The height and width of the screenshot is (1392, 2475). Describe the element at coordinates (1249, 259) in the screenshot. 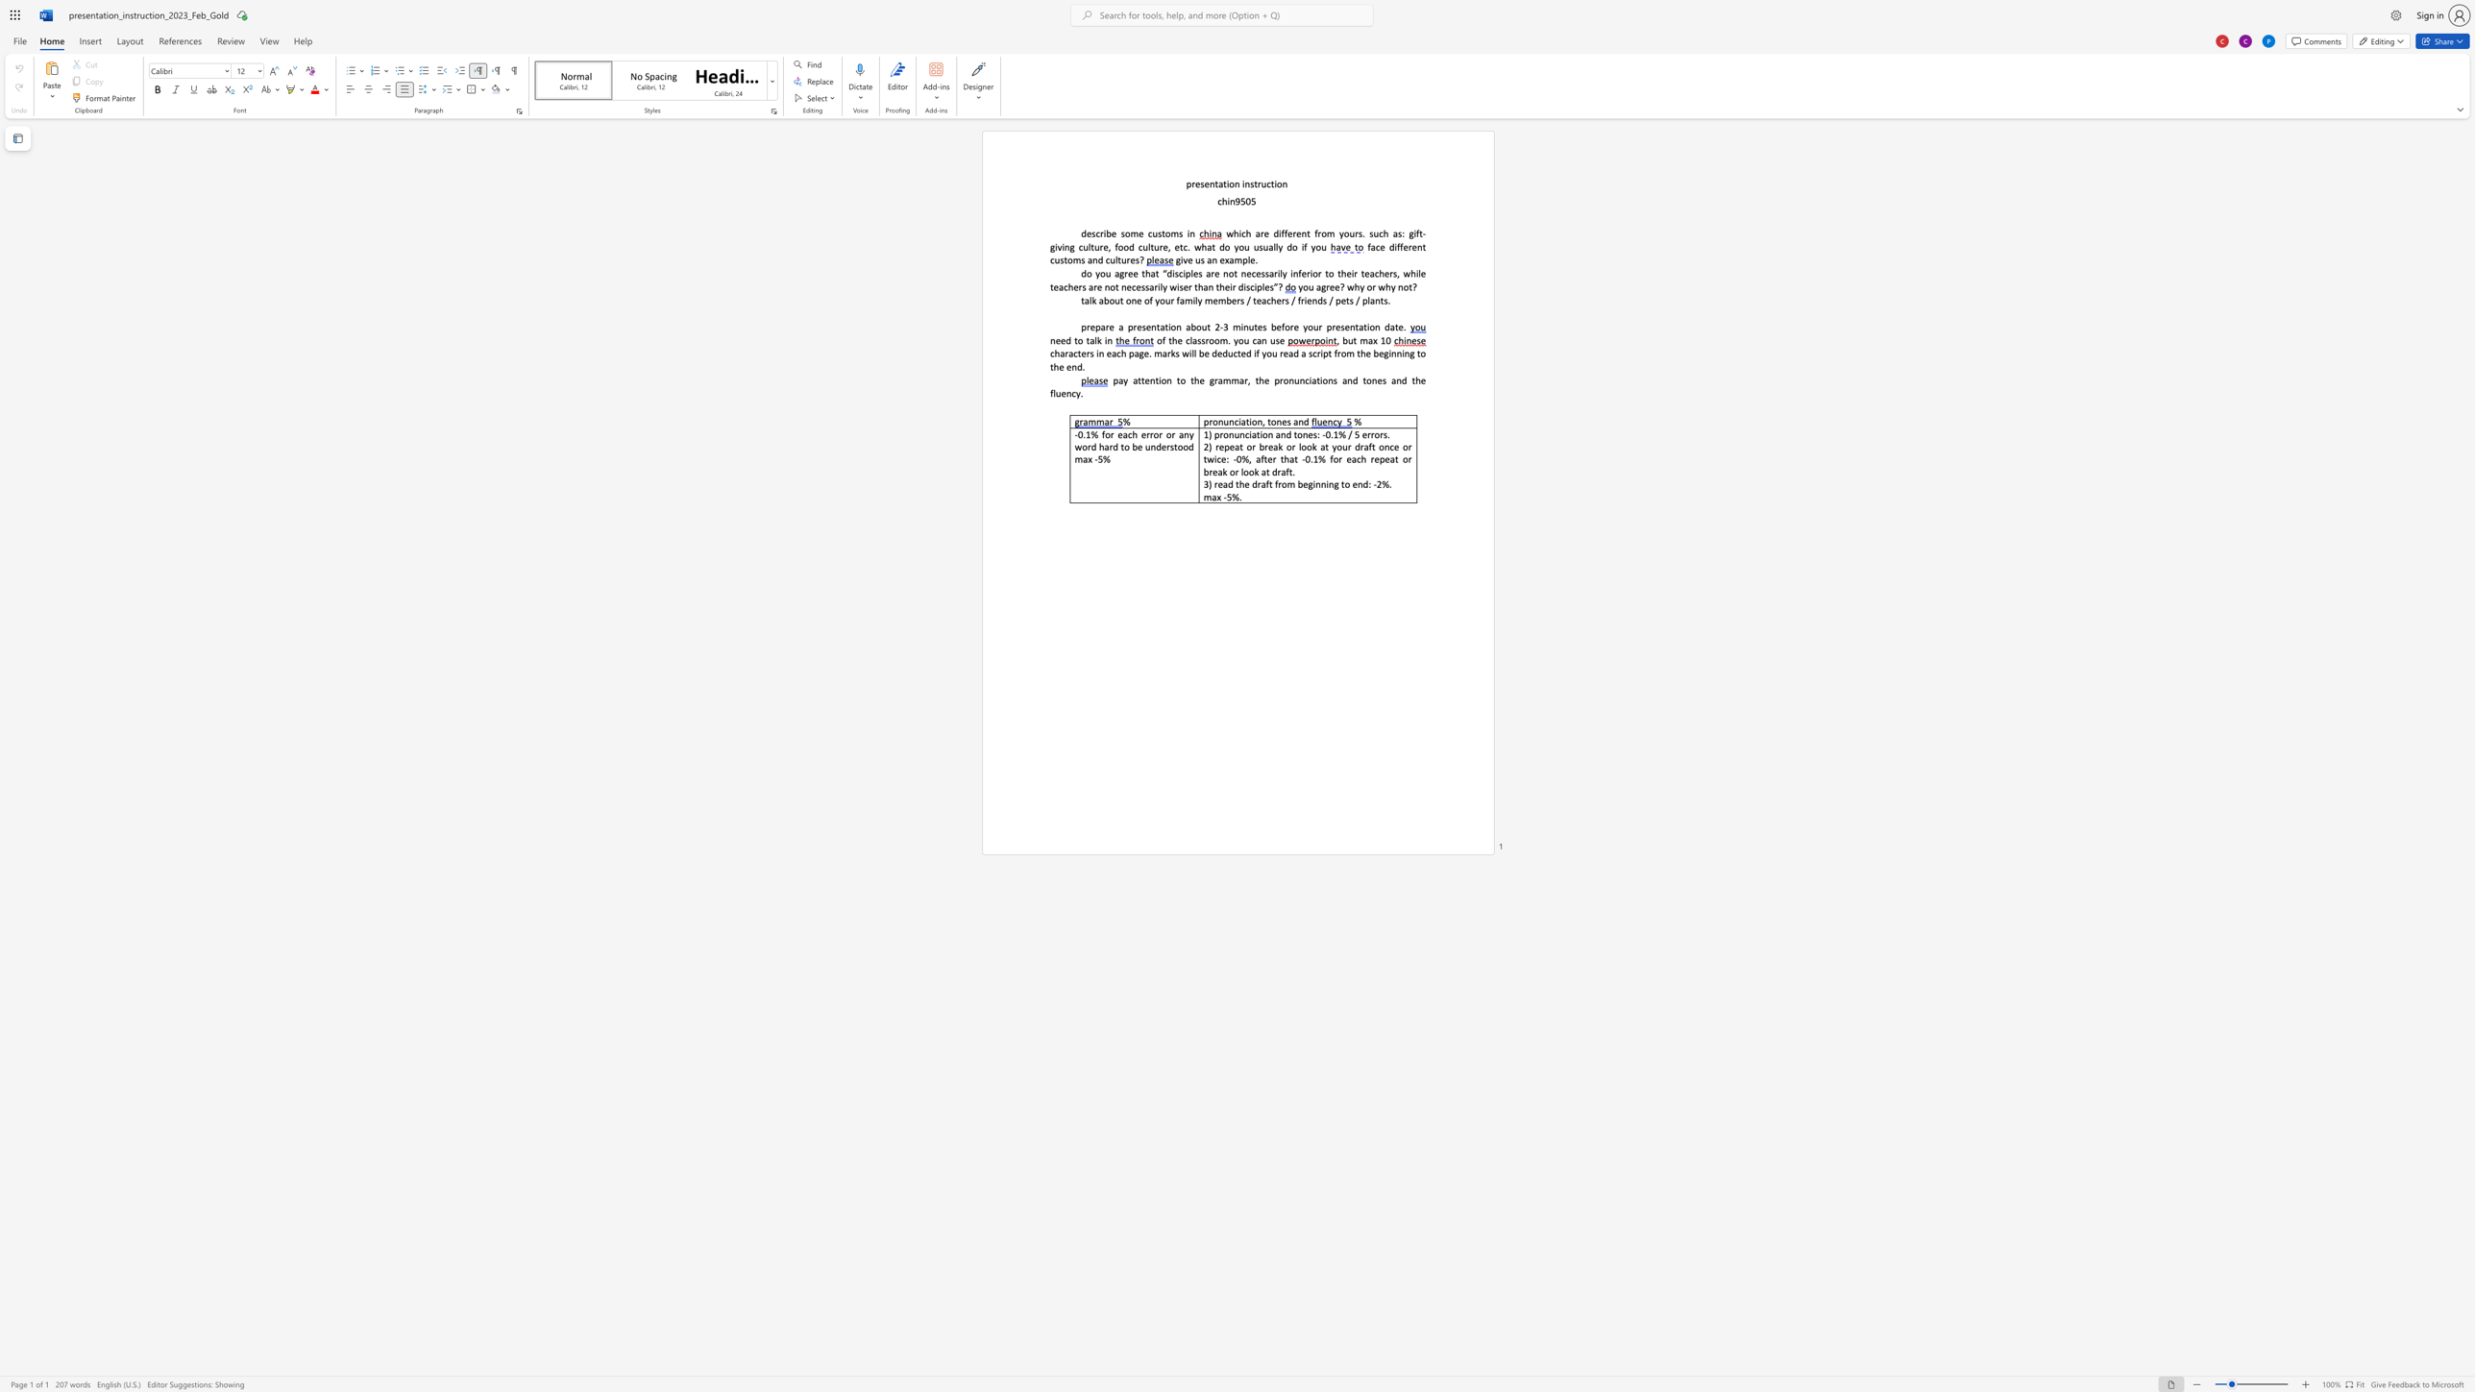

I see `the 1th character "l" in the text` at that location.